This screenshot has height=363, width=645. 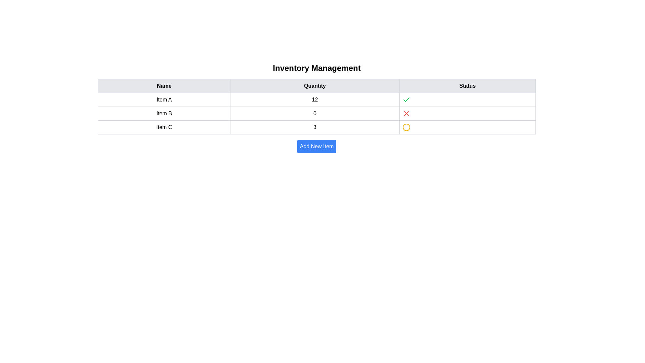 I want to click on the Label displaying 'Item C' in the third row of the 'Name' column of the table, so click(x=164, y=127).